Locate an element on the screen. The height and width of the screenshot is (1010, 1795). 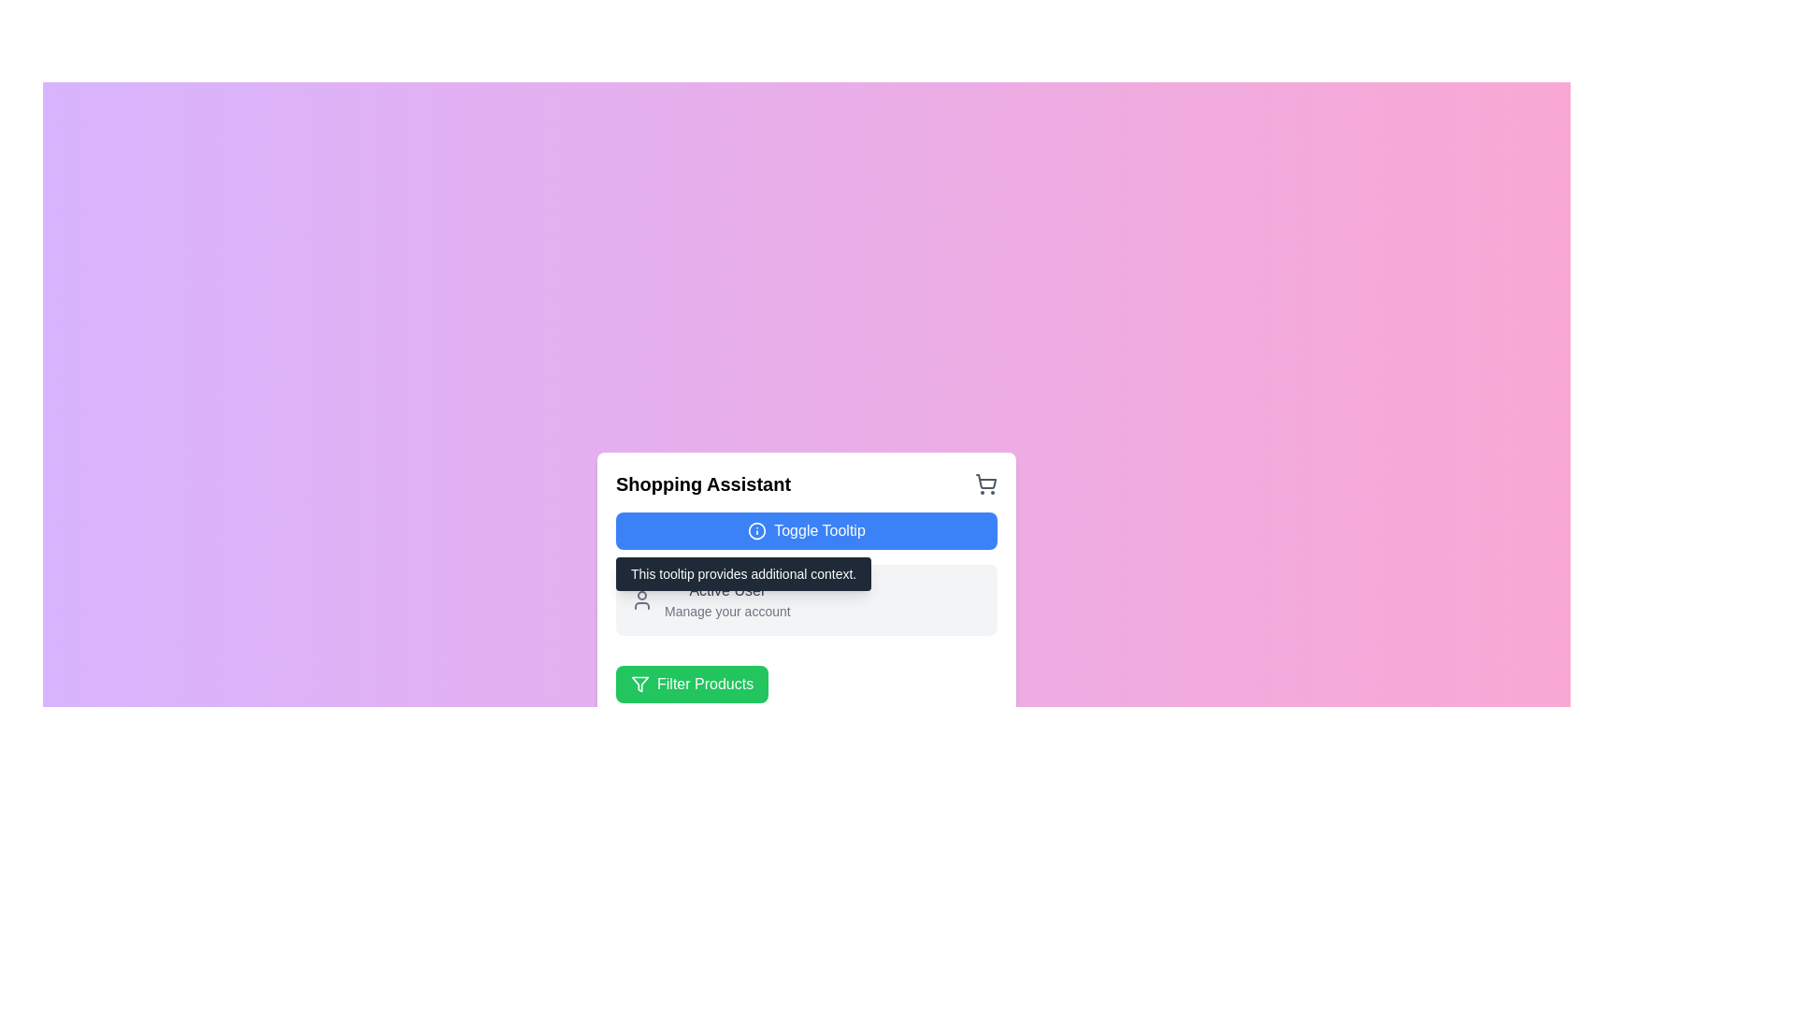
the tooltip that provides additional context or information, positioned directly below the 'Toggle Tooltip' button is located at coordinates (742, 572).